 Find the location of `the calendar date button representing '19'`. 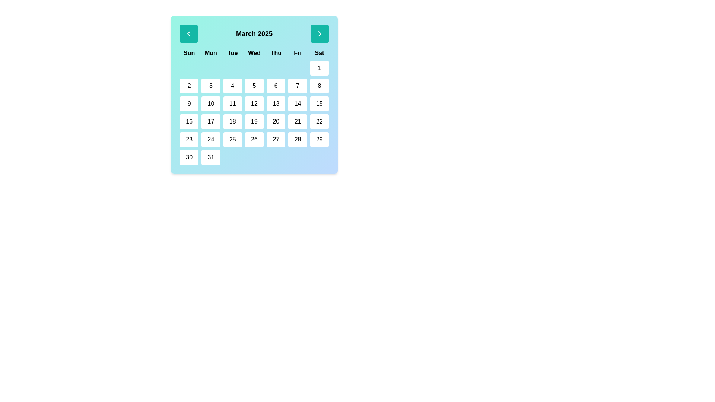

the calendar date button representing '19' is located at coordinates (254, 121).